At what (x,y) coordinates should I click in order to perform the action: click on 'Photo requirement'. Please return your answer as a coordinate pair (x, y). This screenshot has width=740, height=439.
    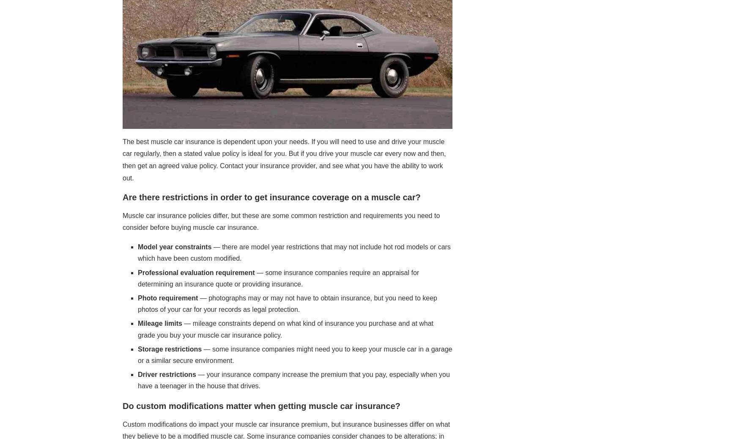
    Looking at the image, I should click on (138, 297).